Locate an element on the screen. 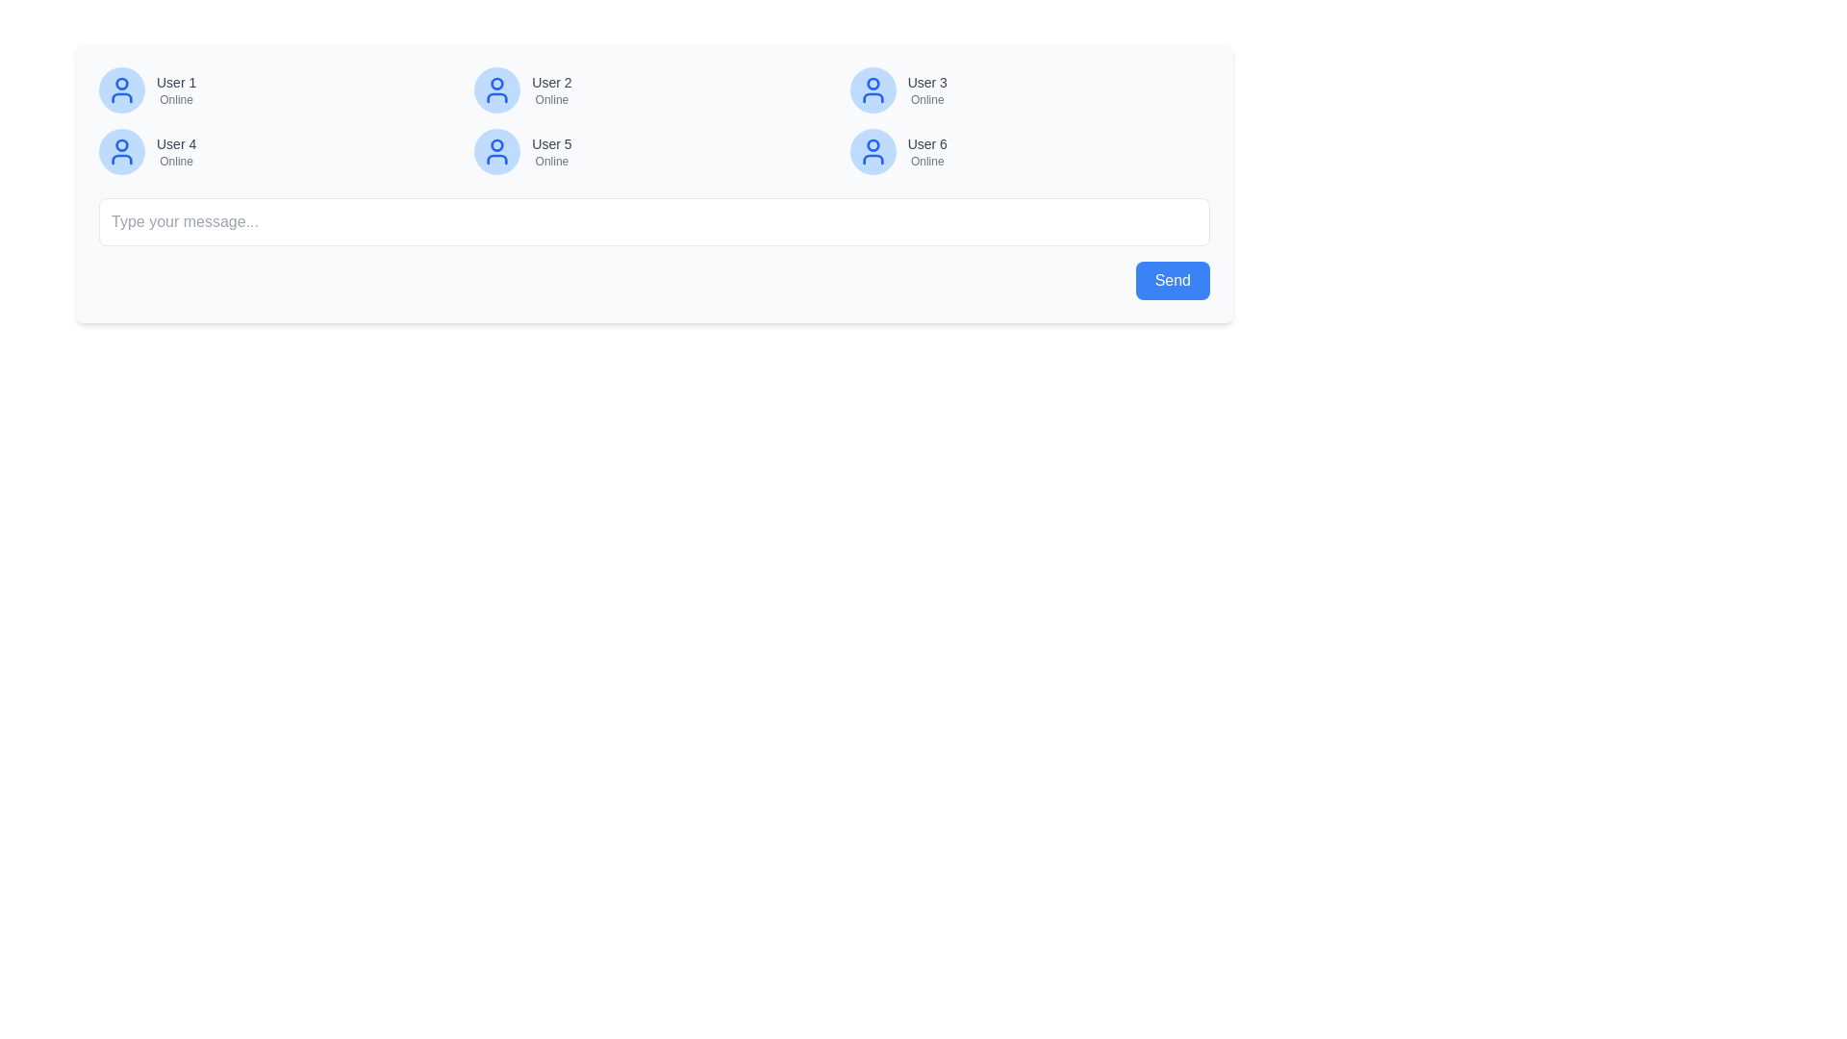  the Text Display element that shows the username and status of a user, located in the first row and first column of the user information grid is located at coordinates (176, 89).